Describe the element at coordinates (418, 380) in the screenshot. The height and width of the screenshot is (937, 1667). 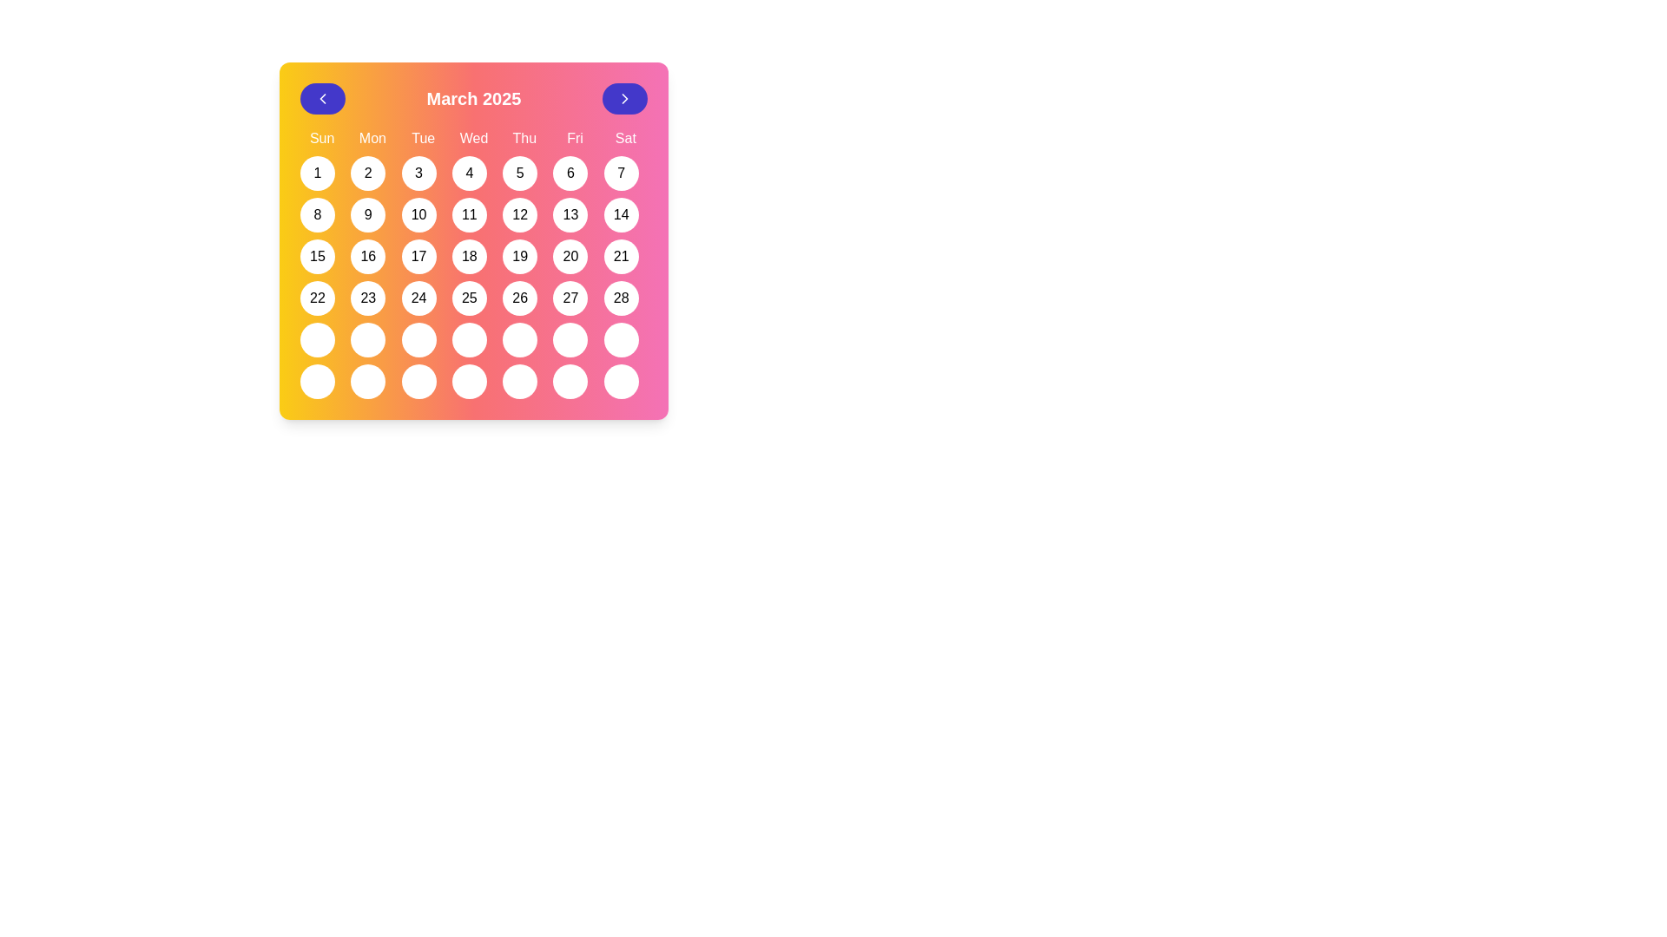
I see `the circular white button with a black border located in the bottom row of the calendar grid under 'Tue'` at that location.